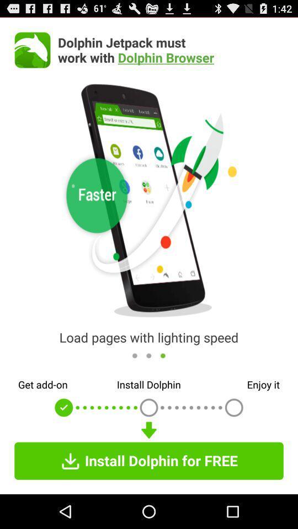  I want to click on the item at the top left corner, so click(33, 50).